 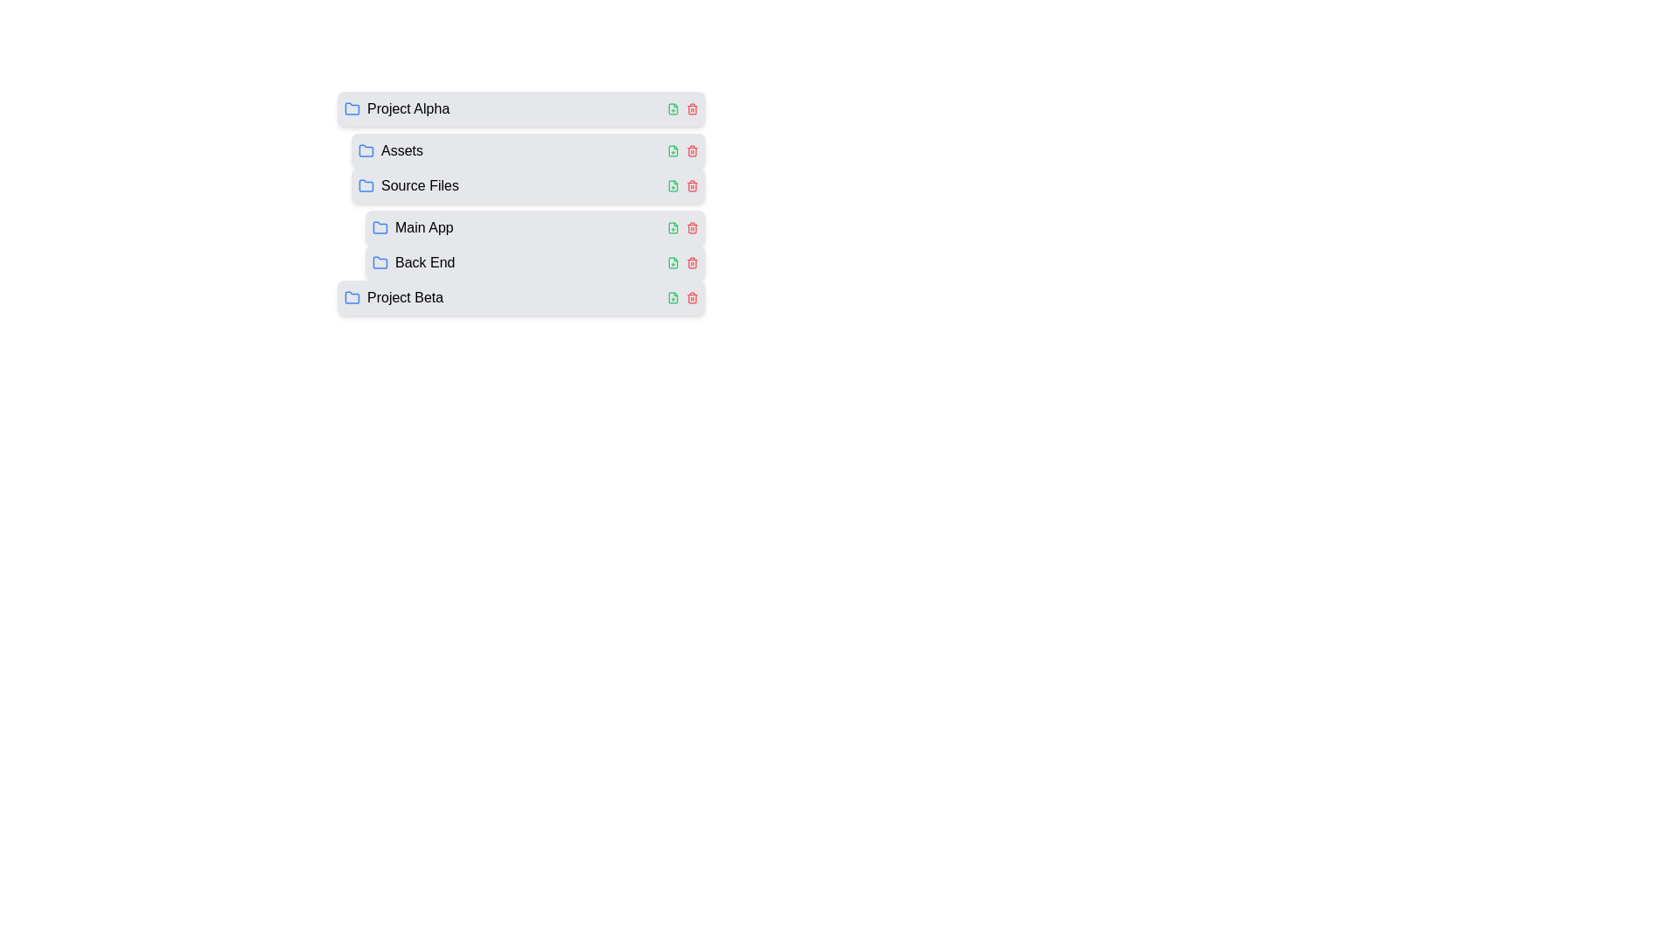 I want to click on the delete icon button located to the far right of the 'Back End' folder row, which allows users to remove associated items, so click(x=692, y=263).